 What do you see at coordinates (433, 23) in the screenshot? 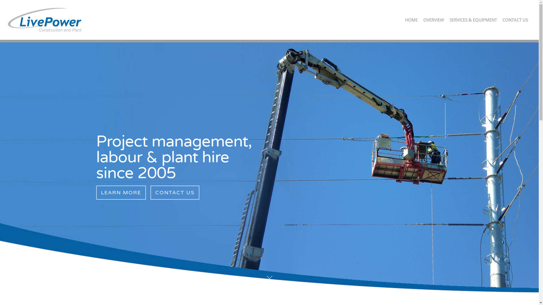
I see `'OVERVIEW'` at bounding box center [433, 23].